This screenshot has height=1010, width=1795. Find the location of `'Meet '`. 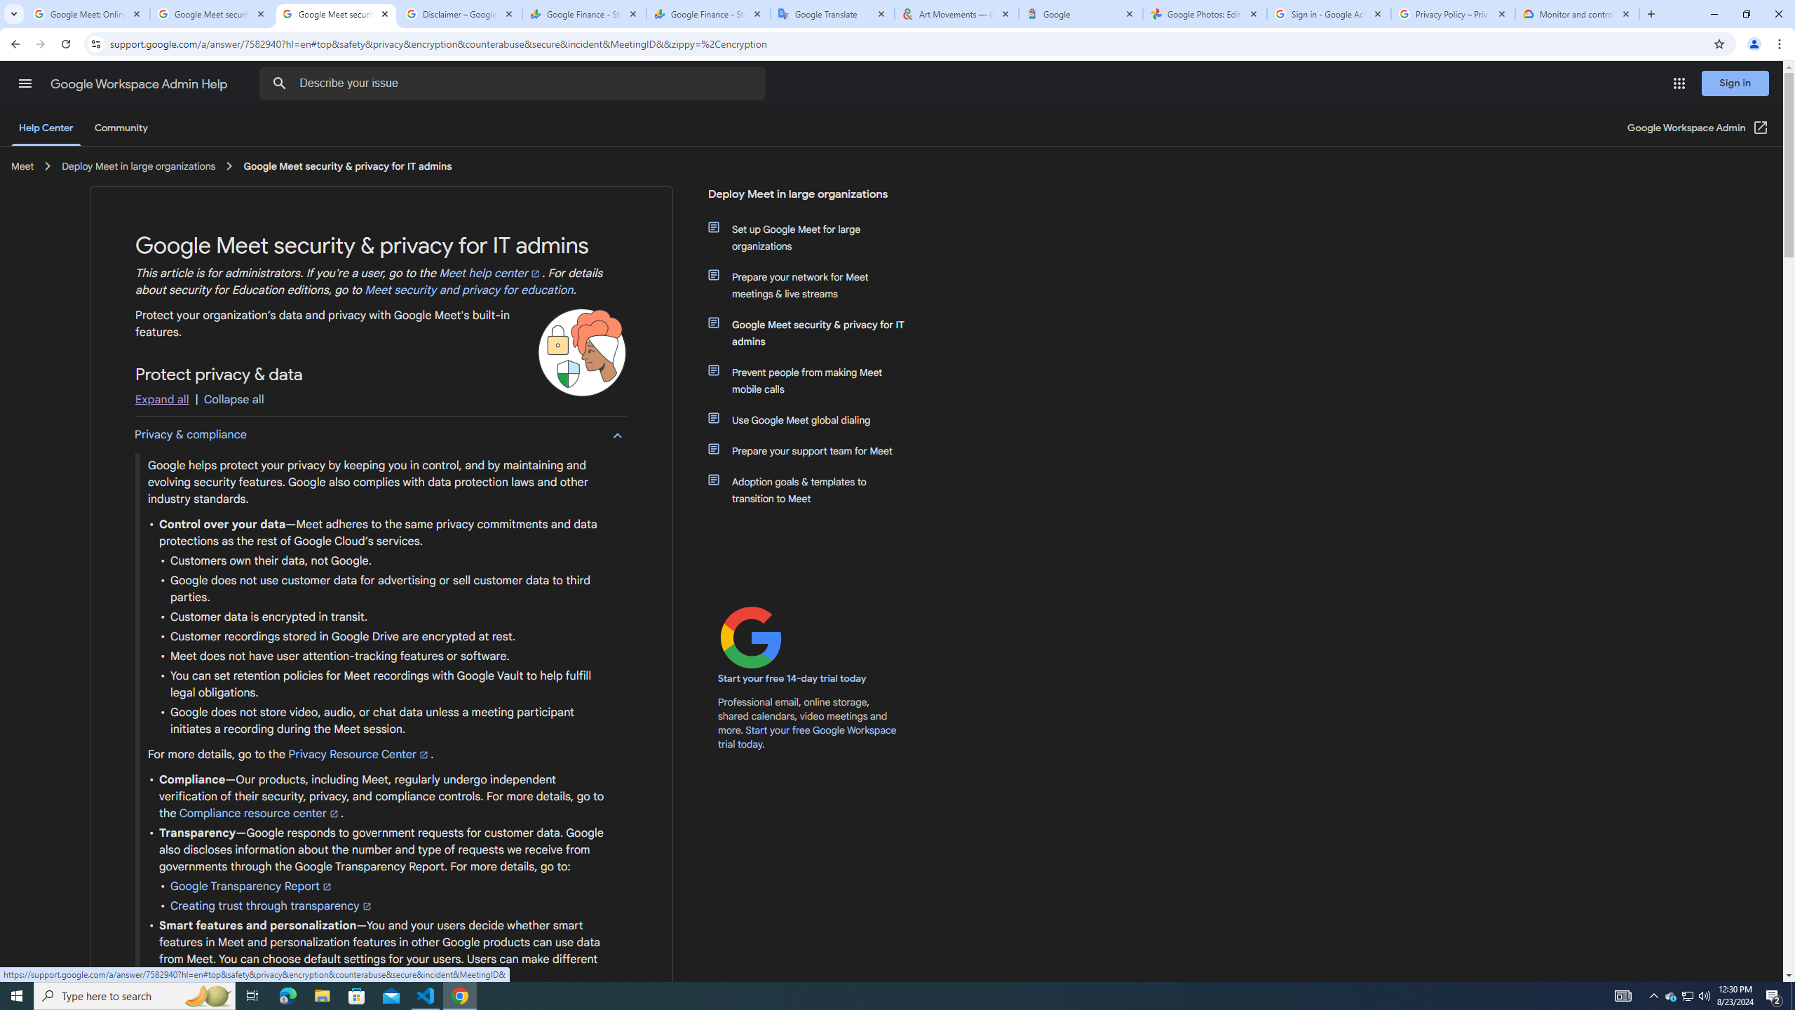

'Meet ' is located at coordinates (22, 165).